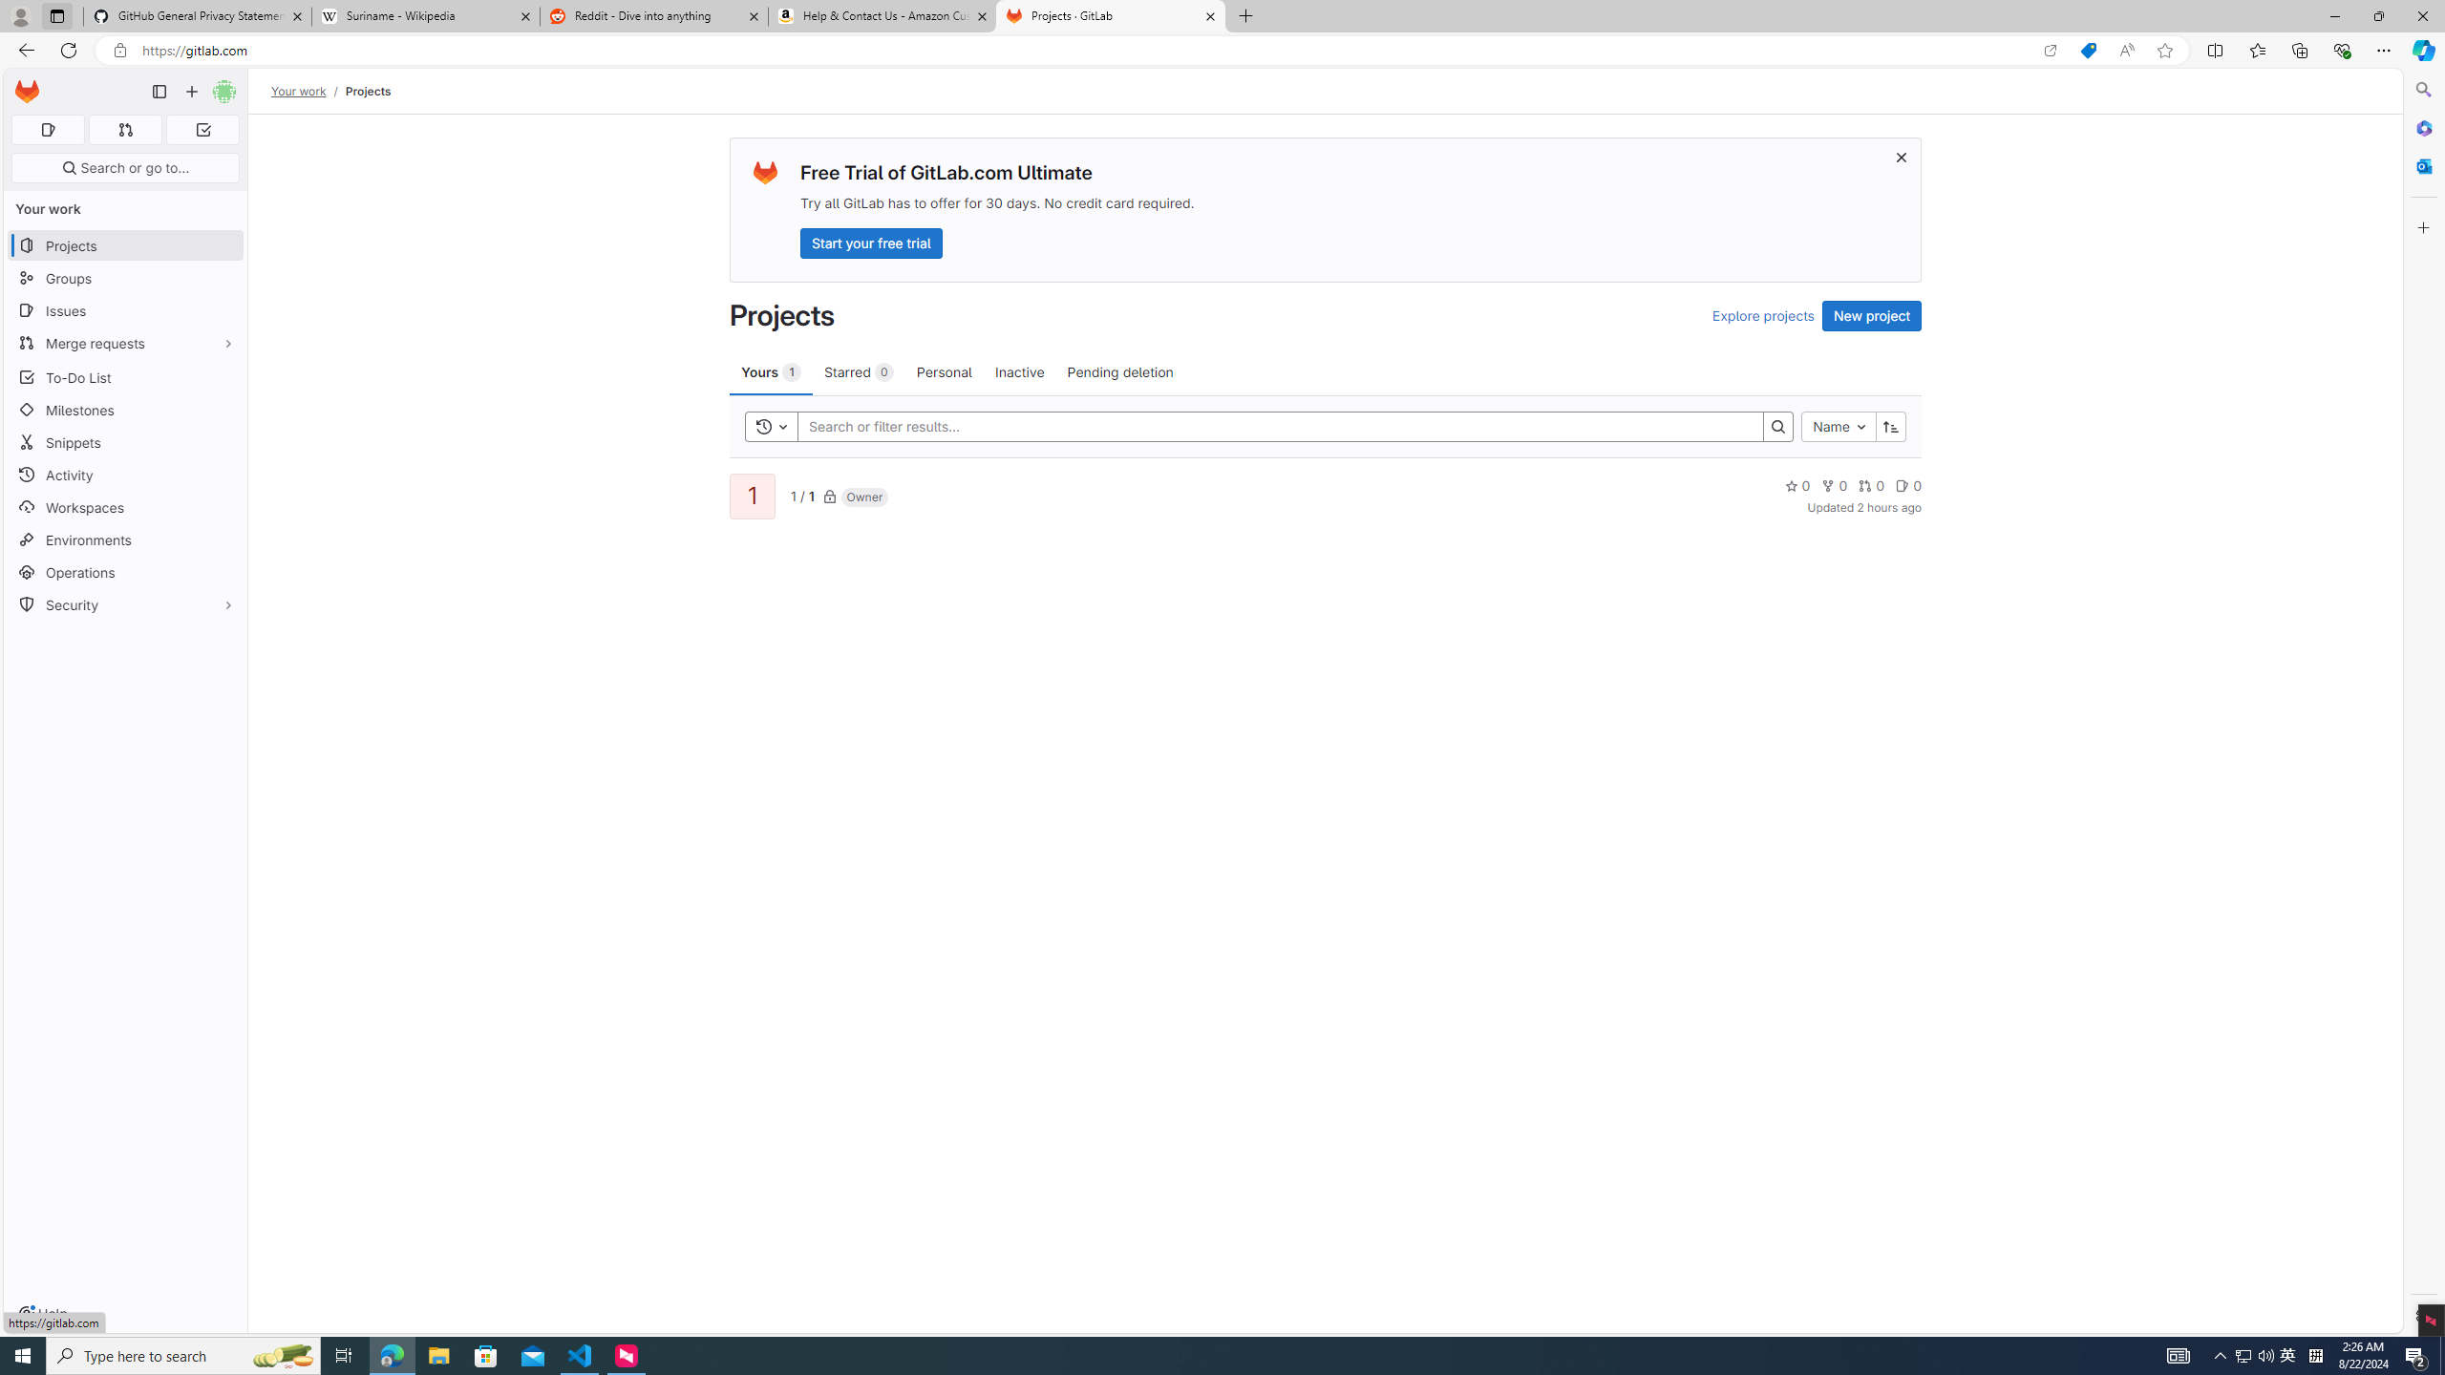 The image size is (2445, 1375). Describe the element at coordinates (308, 91) in the screenshot. I see `'Your work/'` at that location.